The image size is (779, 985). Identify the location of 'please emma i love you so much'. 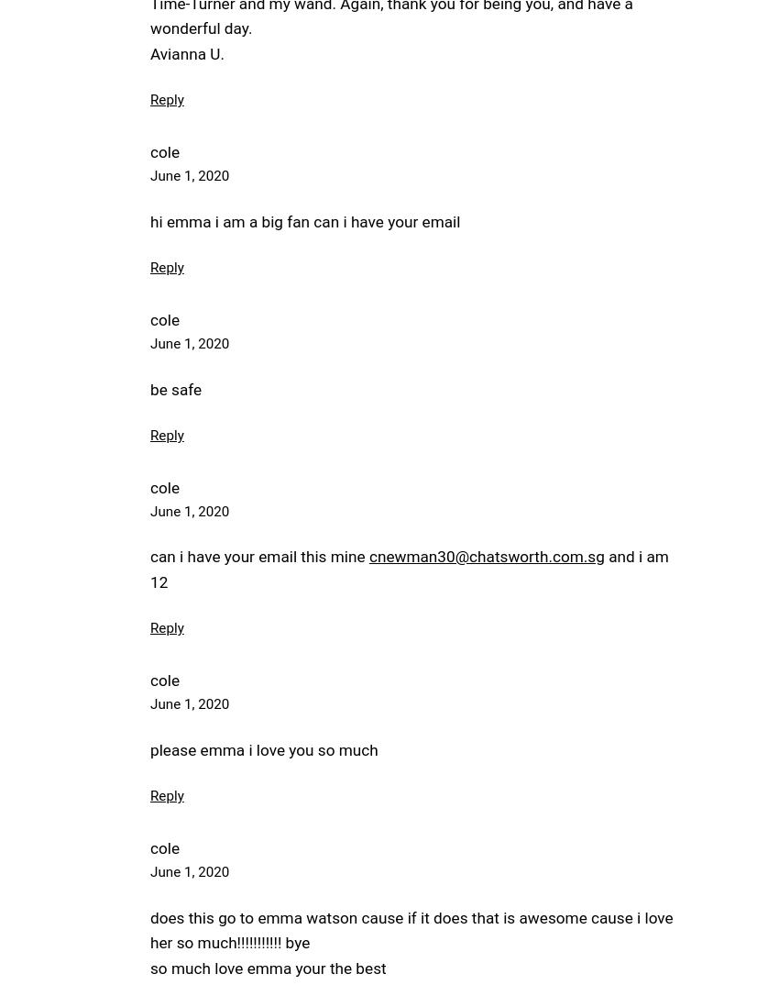
(262, 748).